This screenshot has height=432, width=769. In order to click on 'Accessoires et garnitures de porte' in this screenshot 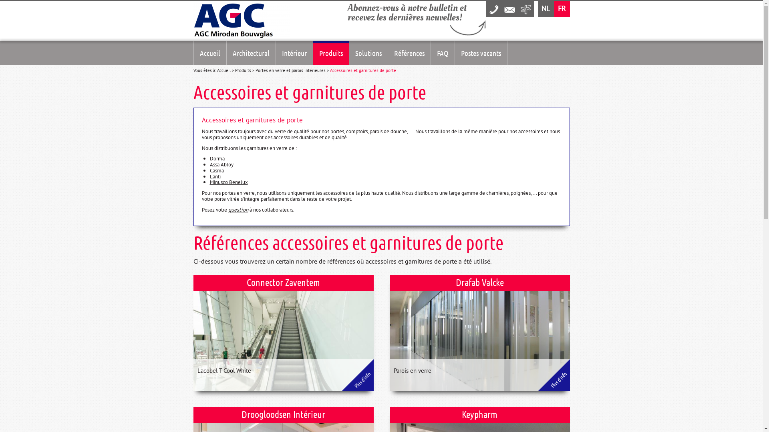, I will do `click(362, 70)`.